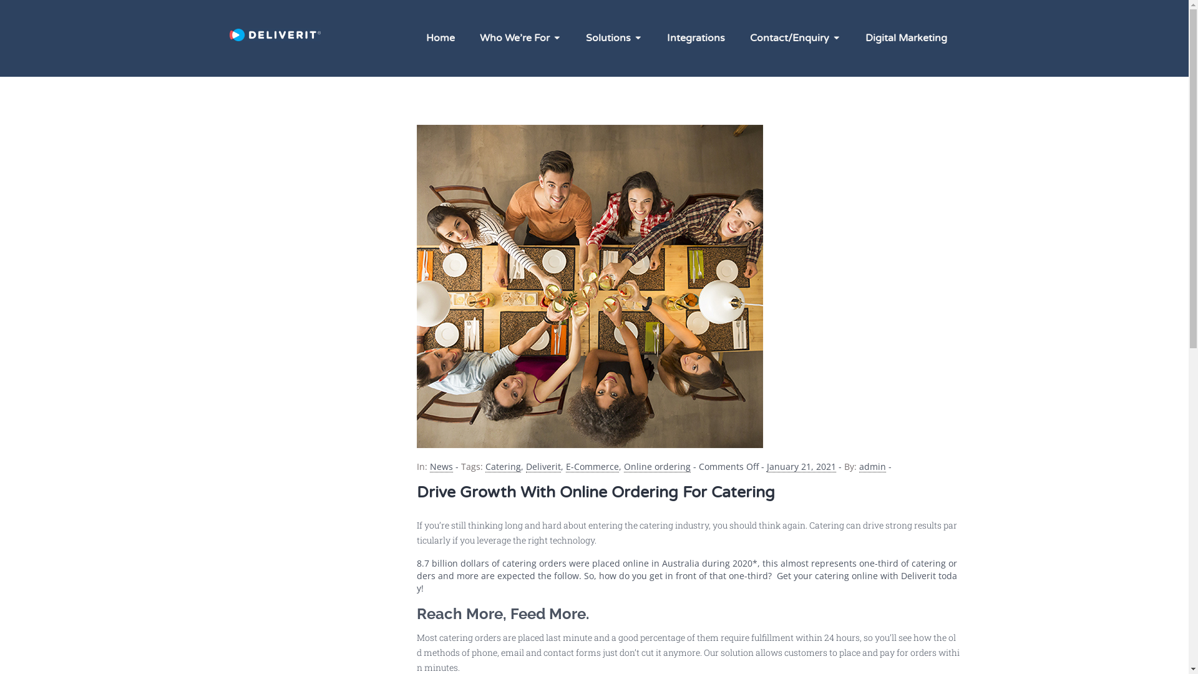  What do you see at coordinates (653, 37) in the screenshot?
I see `'Integrations'` at bounding box center [653, 37].